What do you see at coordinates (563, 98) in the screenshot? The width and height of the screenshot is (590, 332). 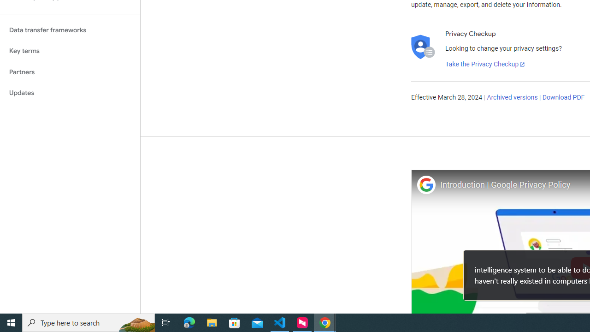 I see `'Download PDF'` at bounding box center [563, 98].